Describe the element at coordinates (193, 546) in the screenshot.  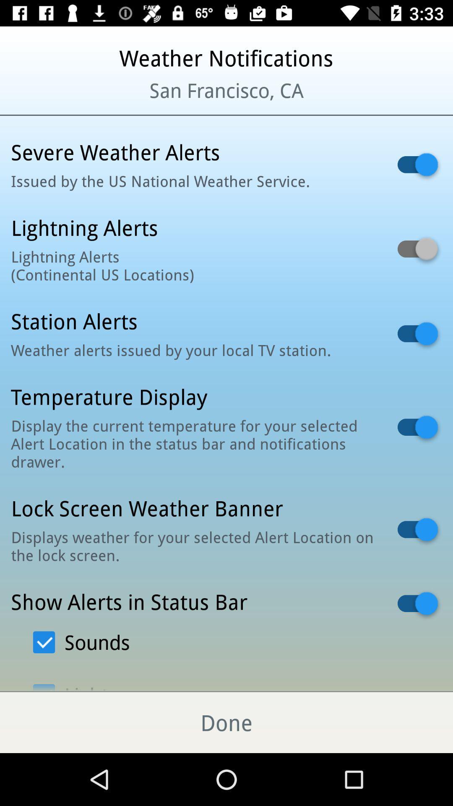
I see `item below lock screen weather icon` at that location.